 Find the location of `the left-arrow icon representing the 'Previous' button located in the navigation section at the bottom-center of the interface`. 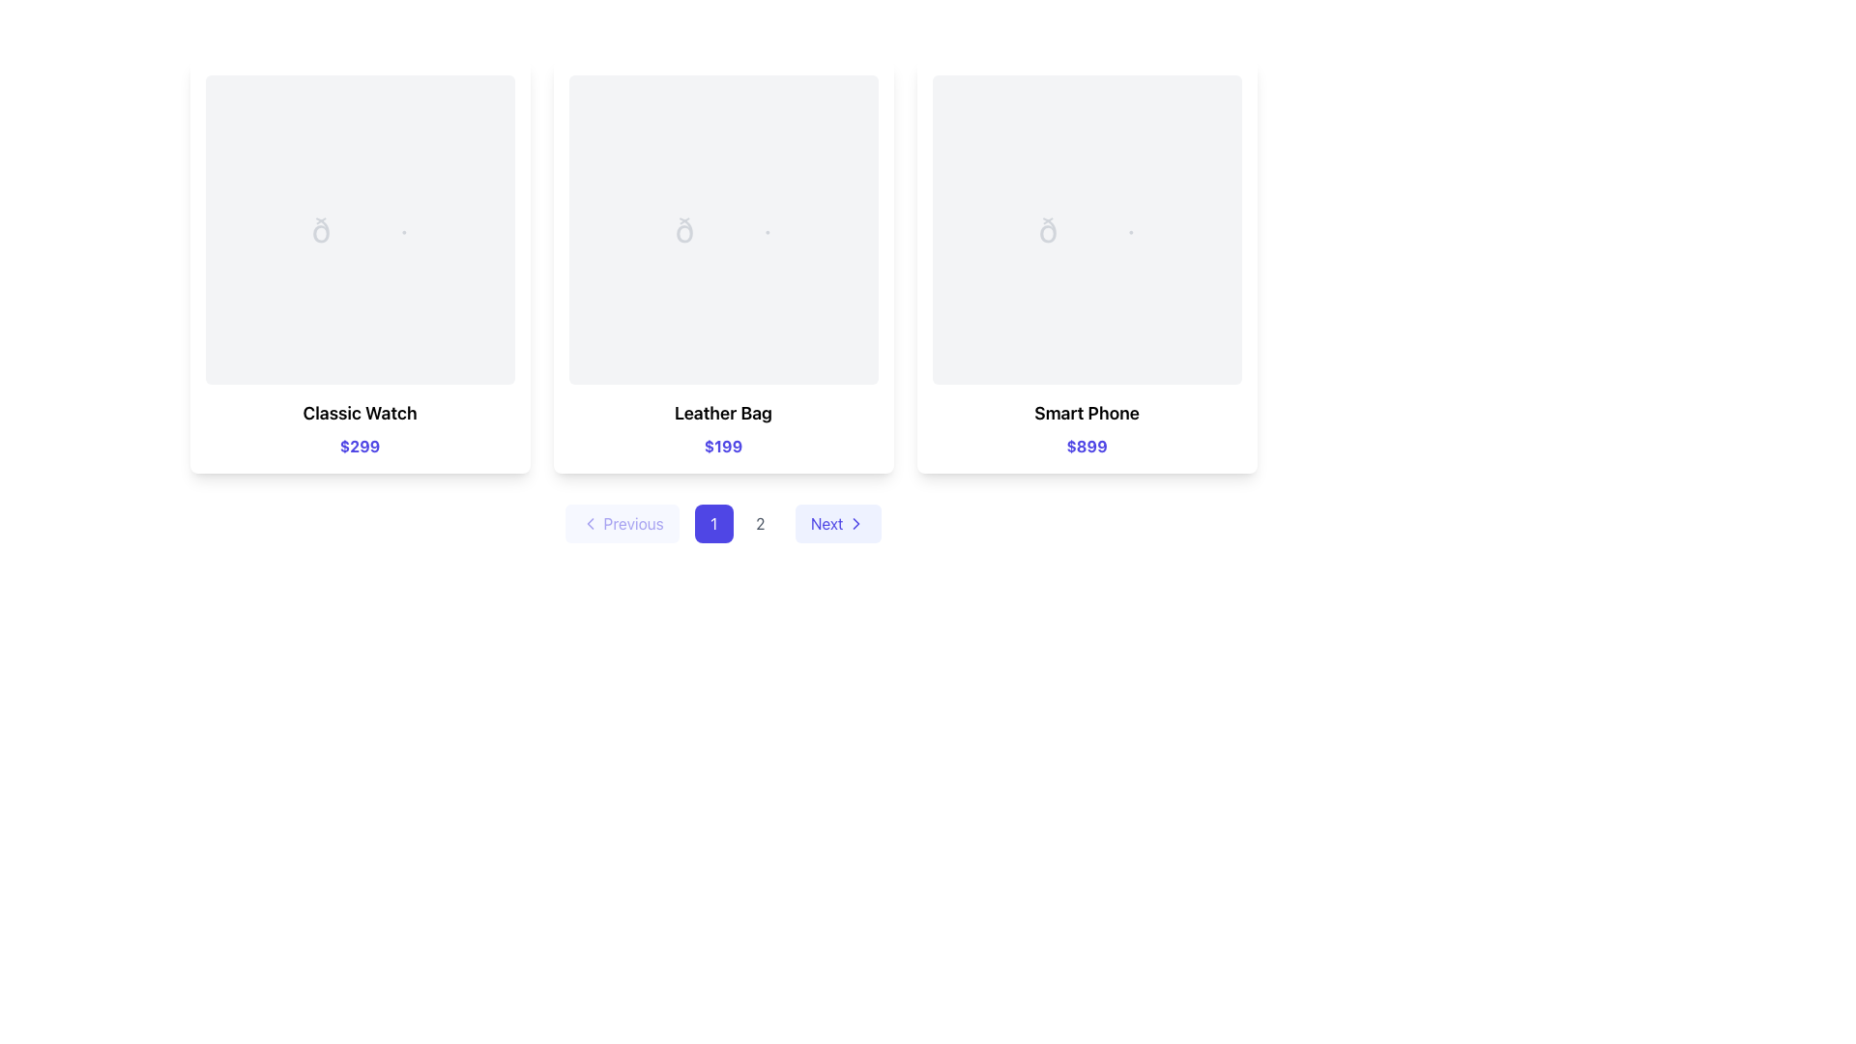

the left-arrow icon representing the 'Previous' button located in the navigation section at the bottom-center of the interface is located at coordinates (589, 524).